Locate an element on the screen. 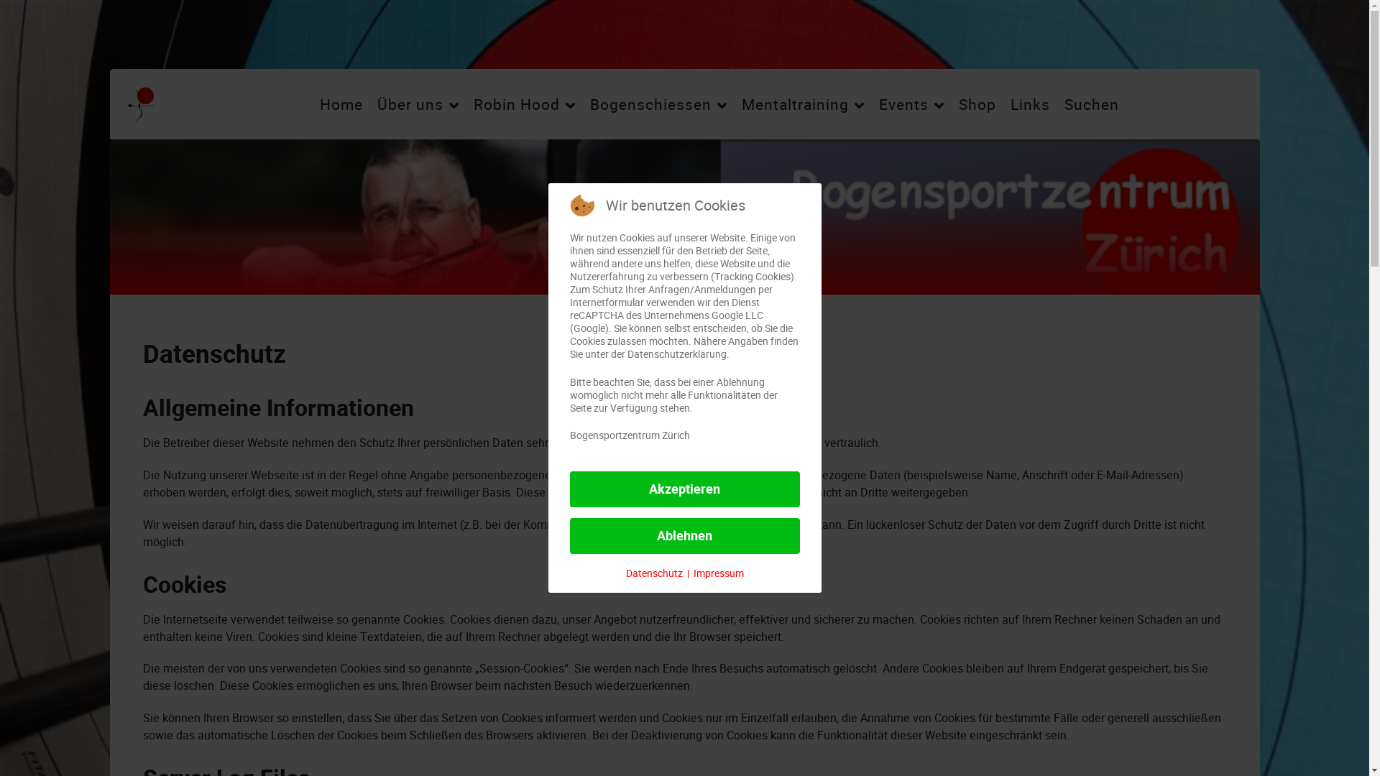  'Home' is located at coordinates (341, 103).